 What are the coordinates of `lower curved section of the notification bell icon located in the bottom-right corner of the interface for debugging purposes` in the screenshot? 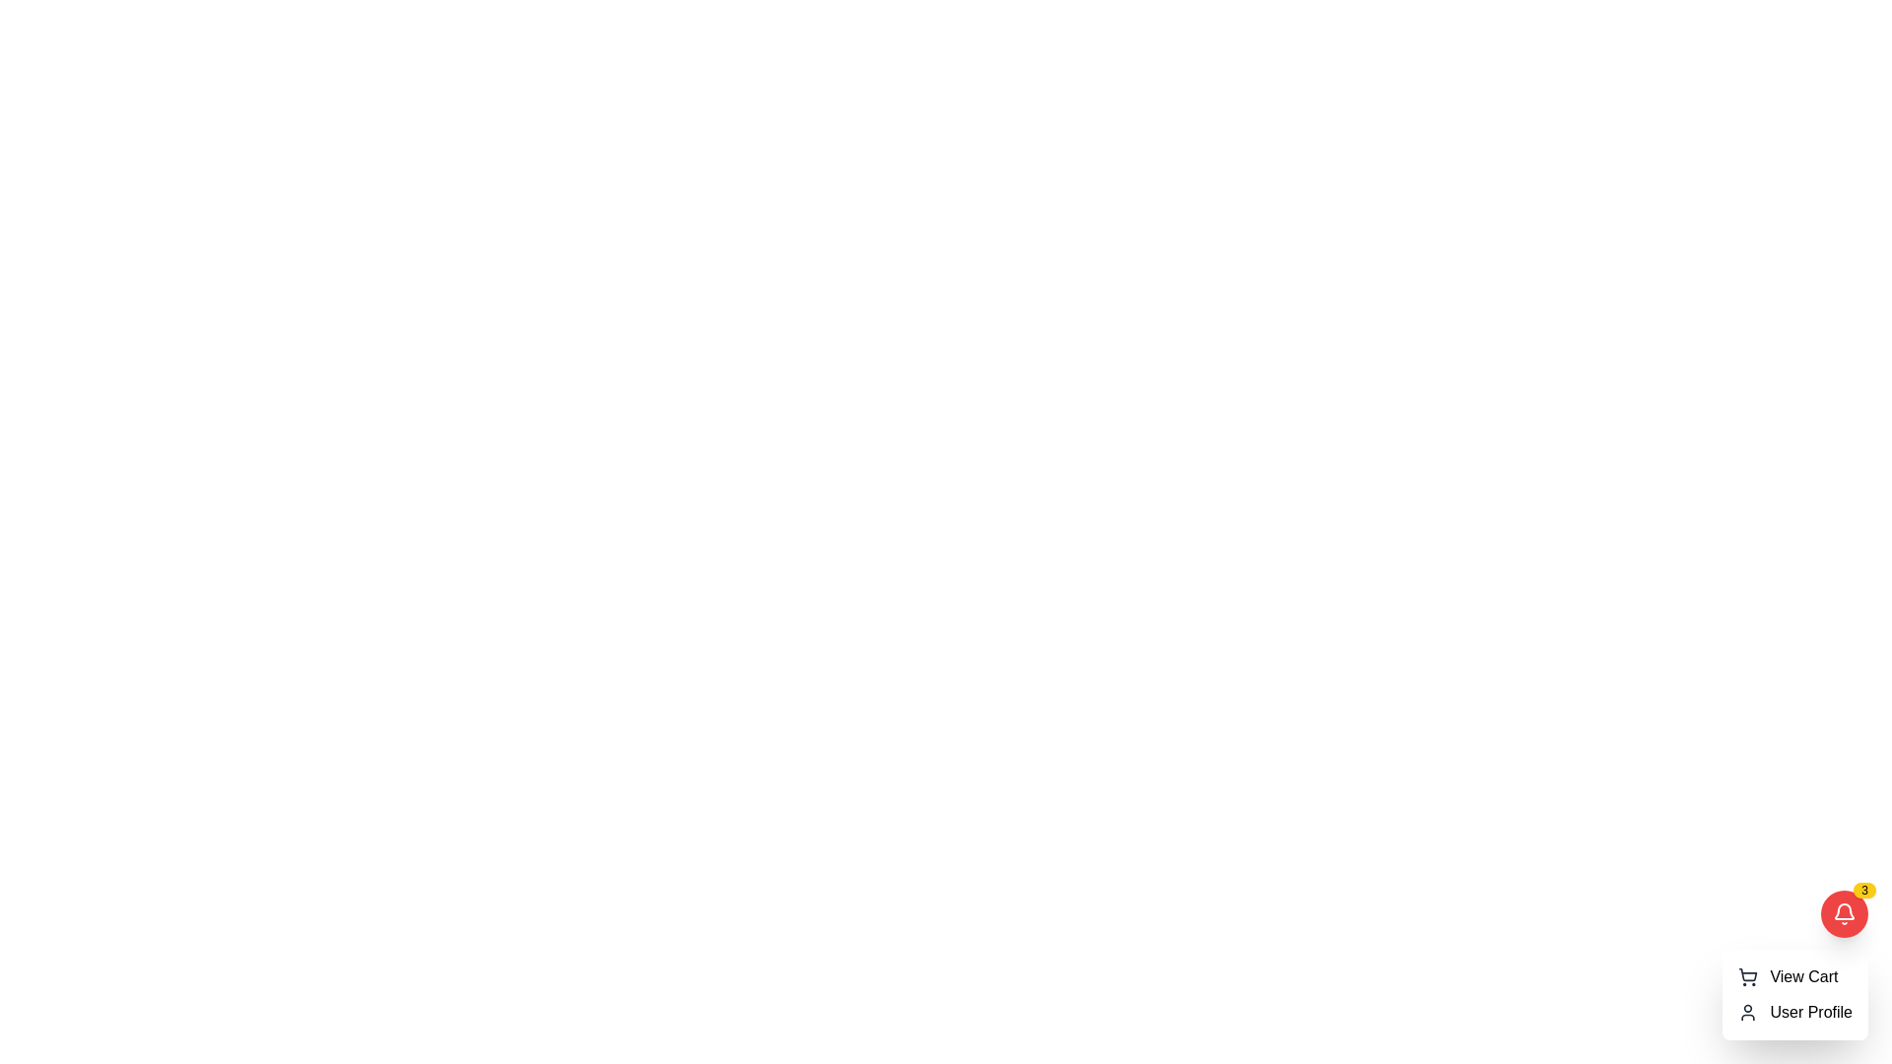 It's located at (1844, 911).